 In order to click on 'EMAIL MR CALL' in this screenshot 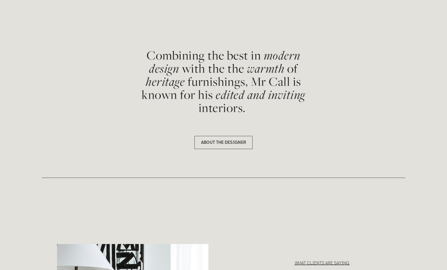, I will do `click(54, 15)`.